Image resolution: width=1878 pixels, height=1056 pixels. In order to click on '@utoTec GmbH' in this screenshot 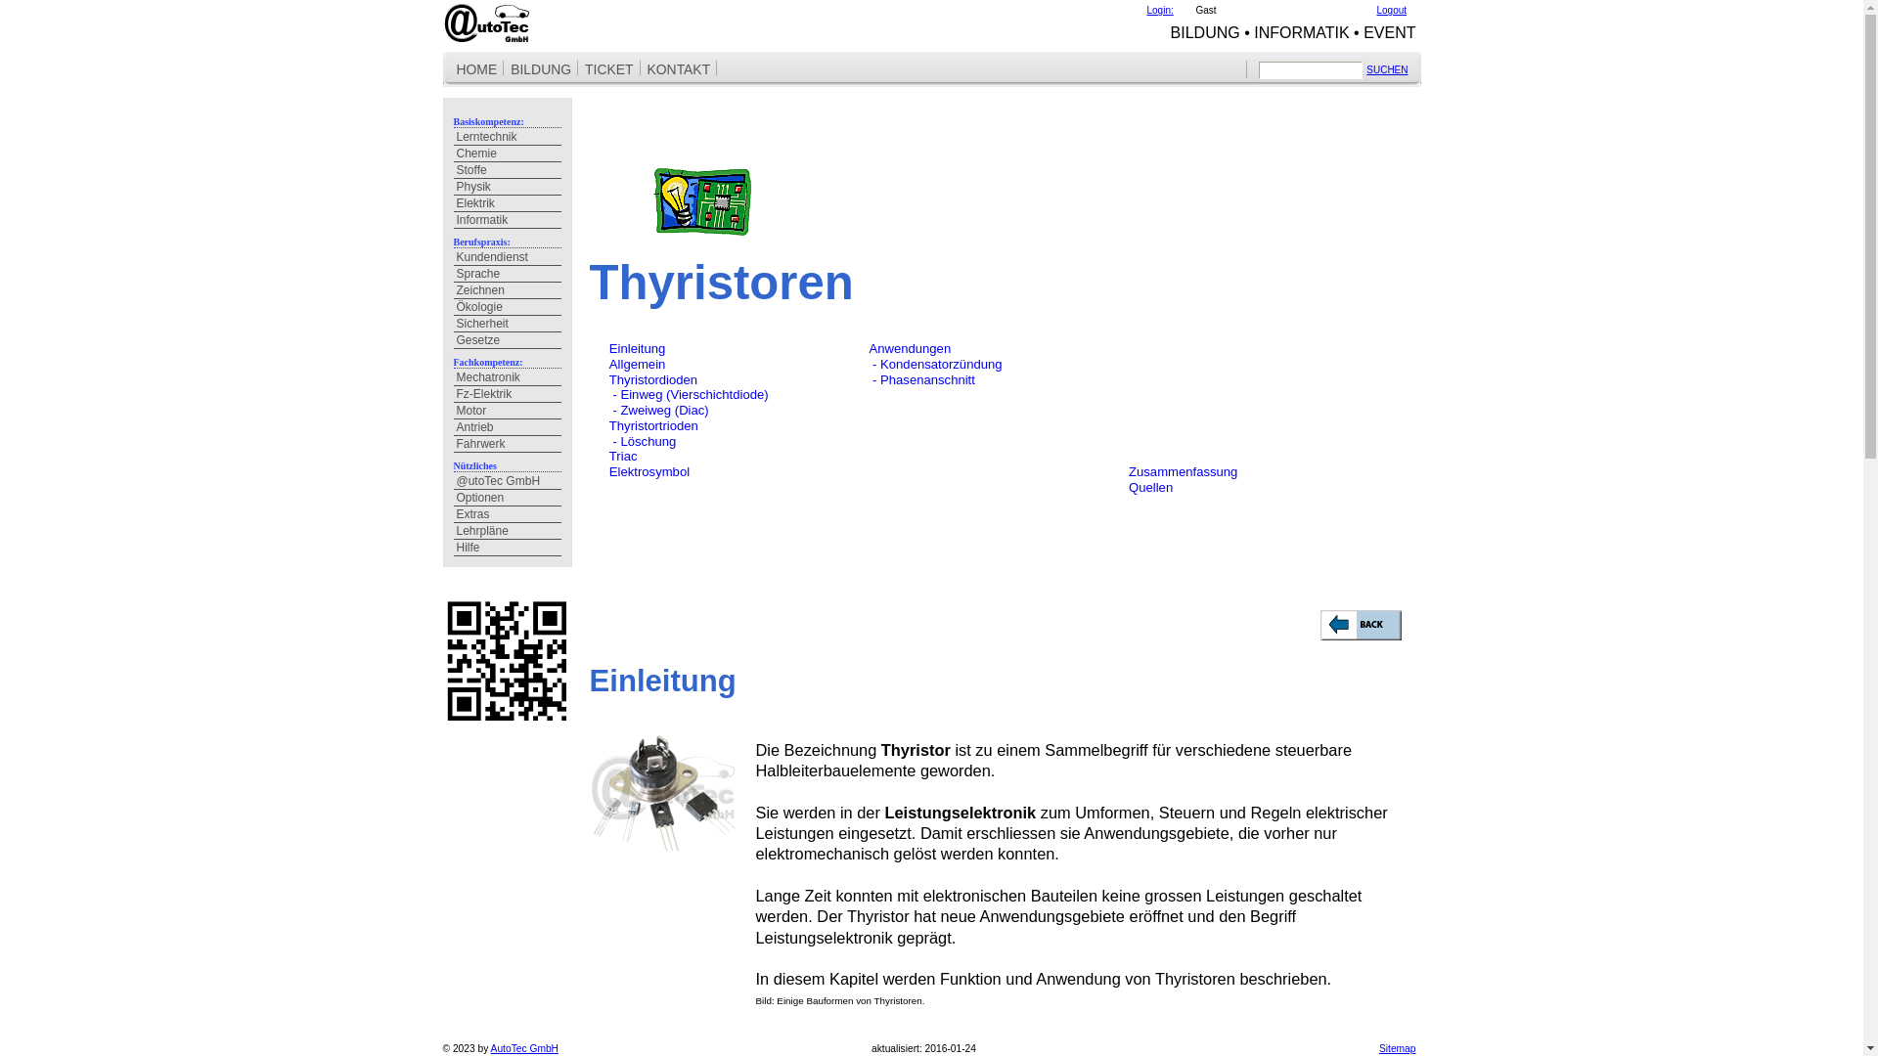, I will do `click(507, 481)`.